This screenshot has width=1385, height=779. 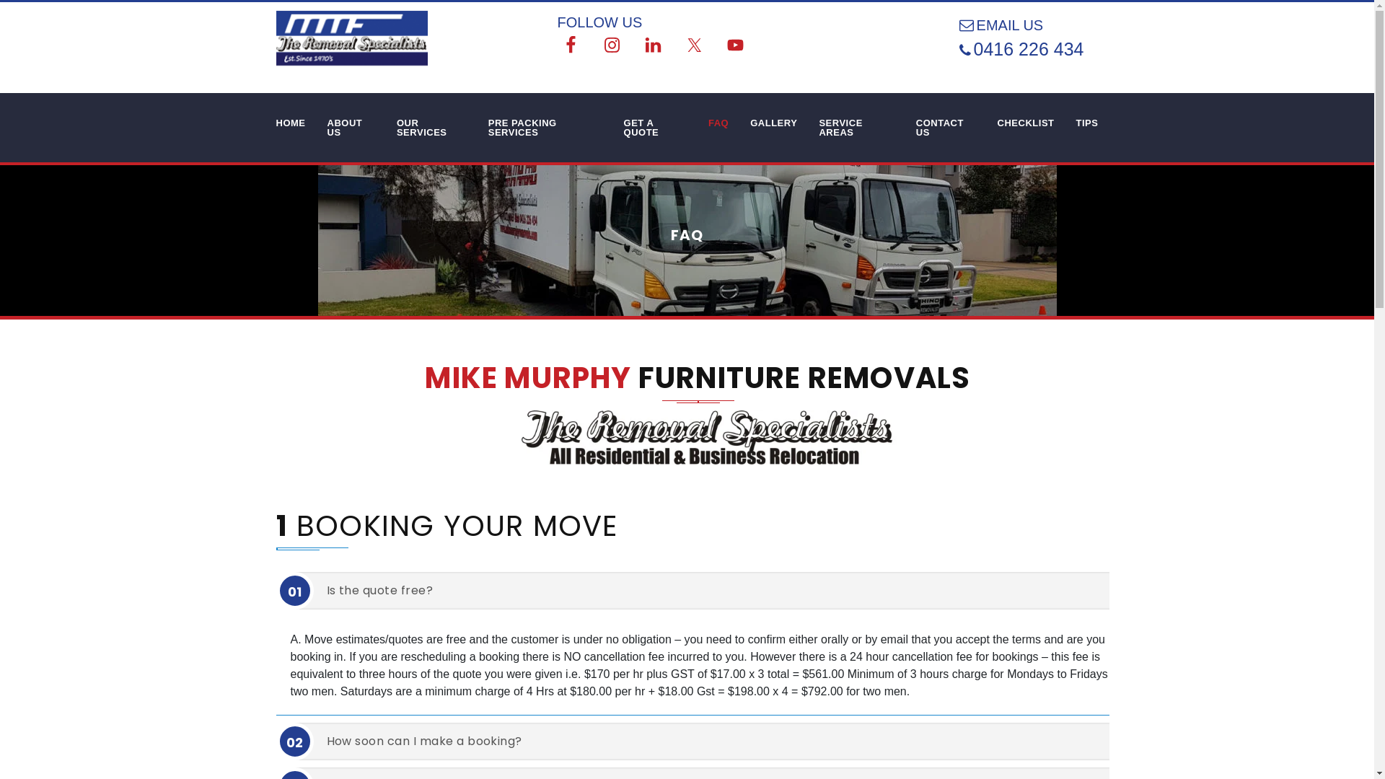 I want to click on '0416 226 434', so click(x=1035, y=48).